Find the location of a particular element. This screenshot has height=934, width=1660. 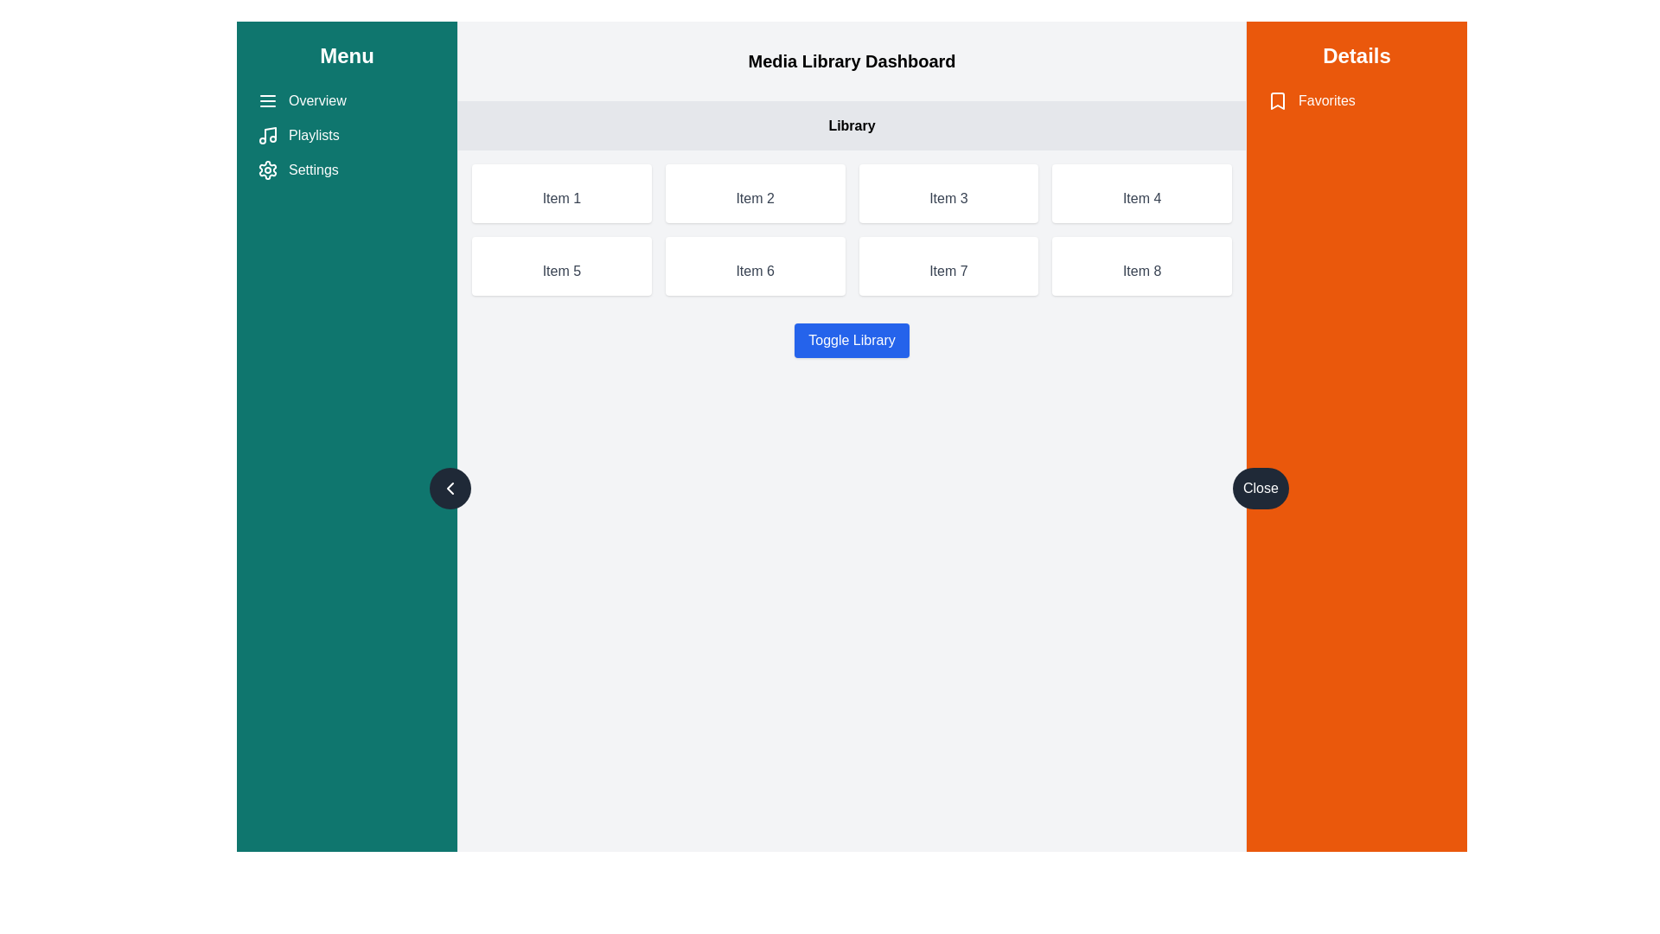

the centered, bold, large text header displaying 'Media Library Dashboard', which is positioned at the top-center of the main content area is located at coordinates (852, 60).